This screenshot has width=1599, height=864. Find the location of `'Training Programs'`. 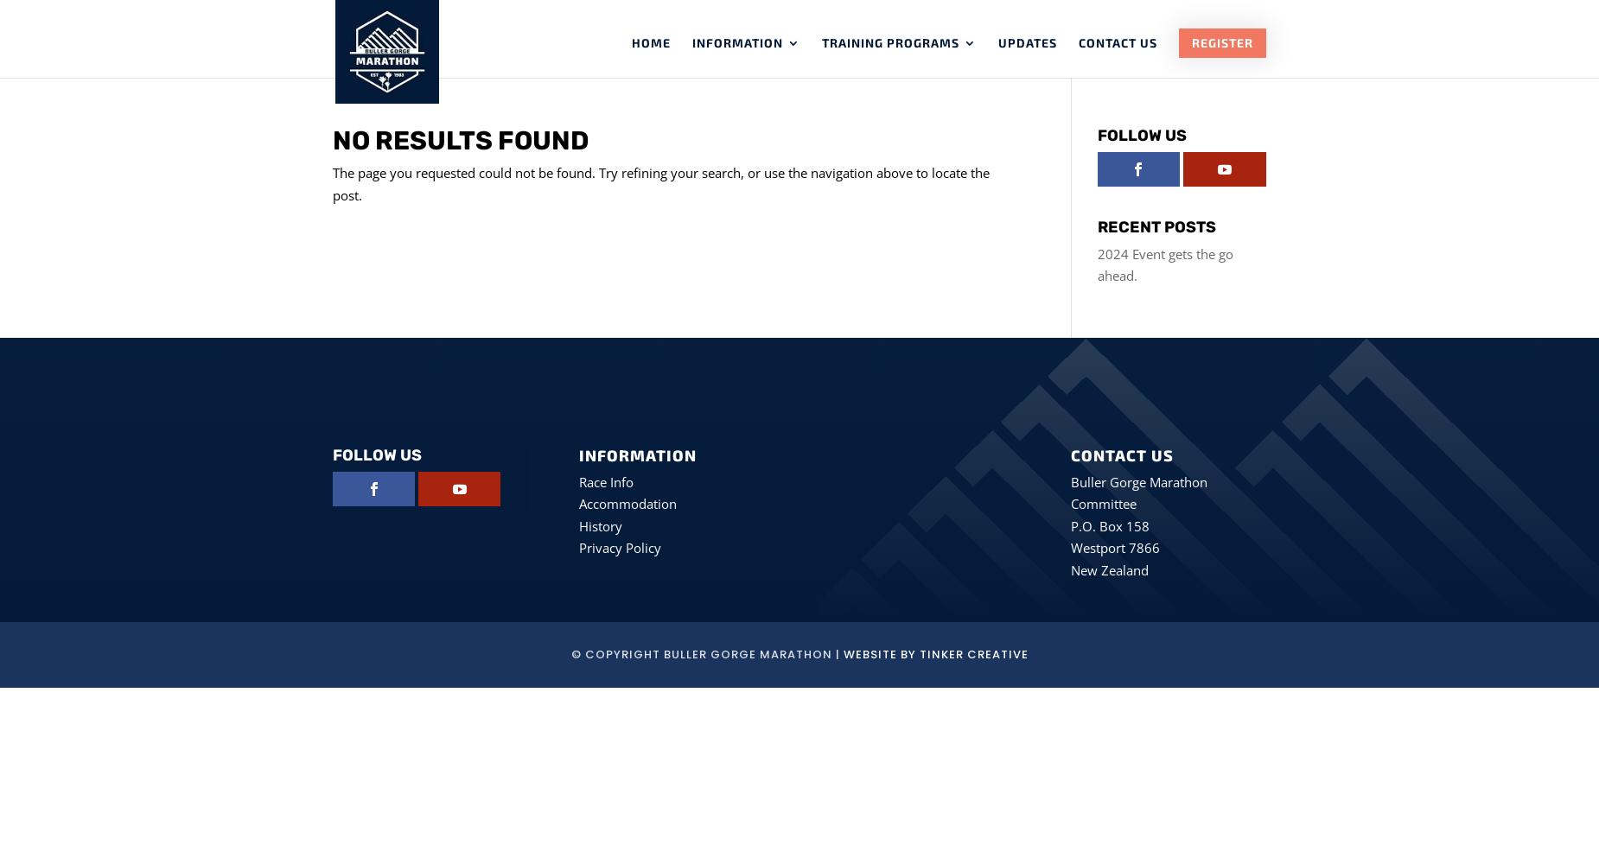

'Training Programs' is located at coordinates (889, 42).